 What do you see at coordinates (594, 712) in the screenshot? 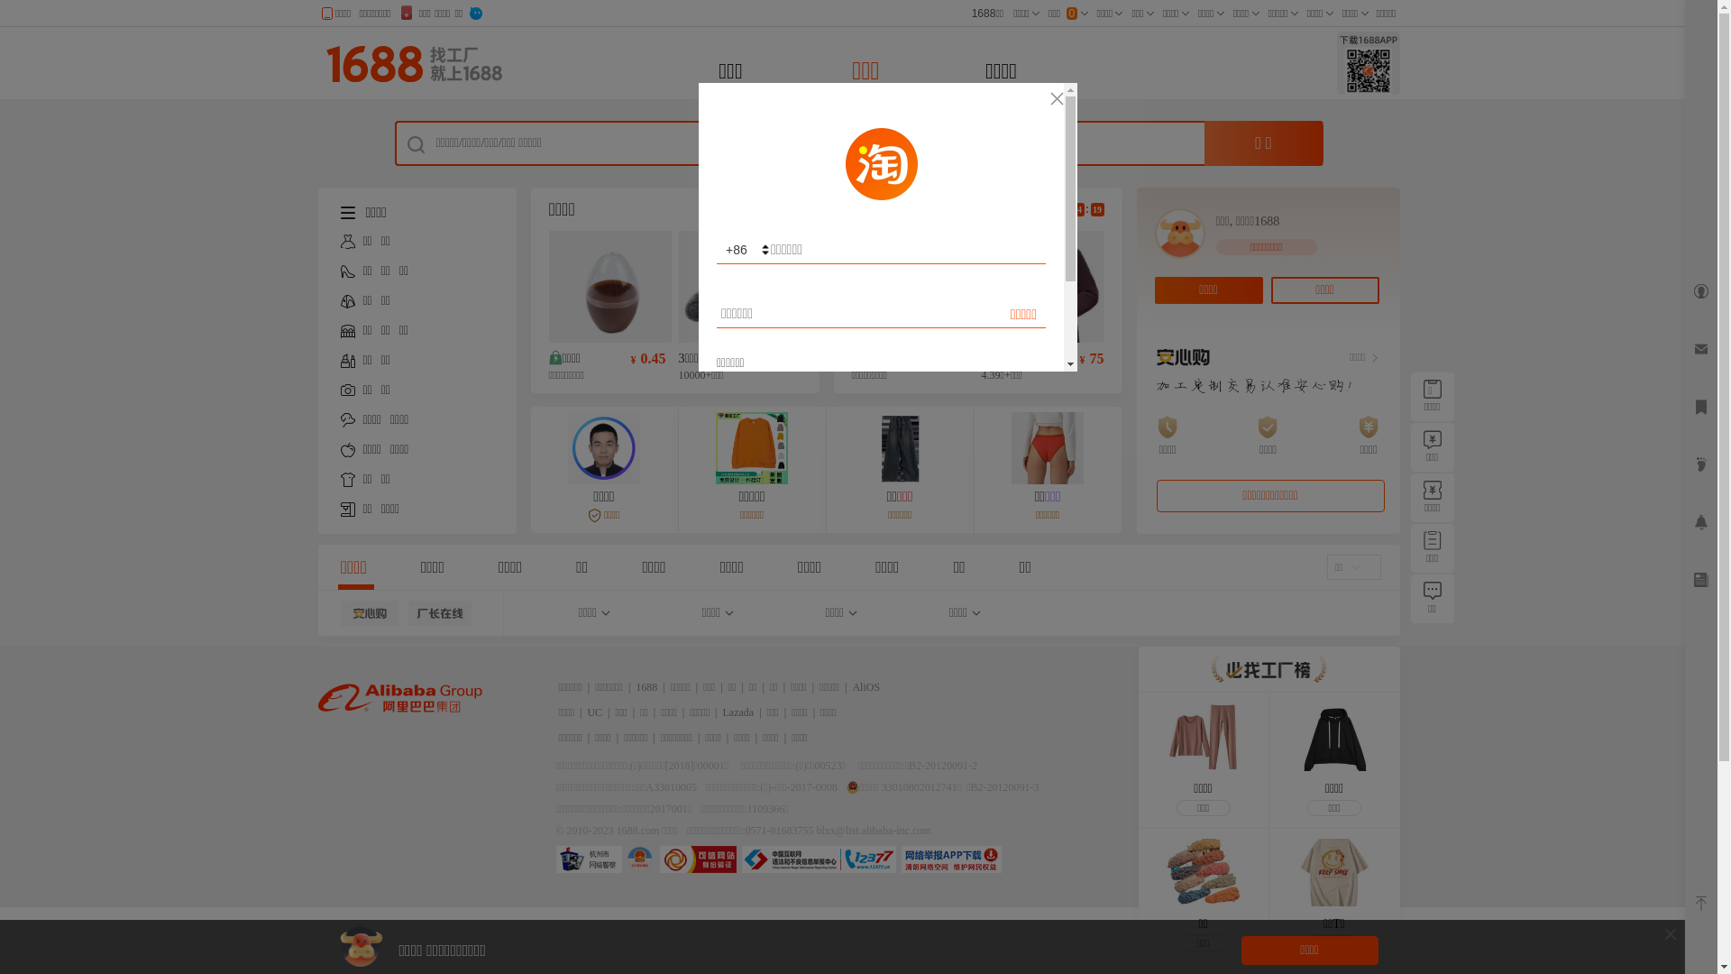
I see `'UC'` at bounding box center [594, 712].